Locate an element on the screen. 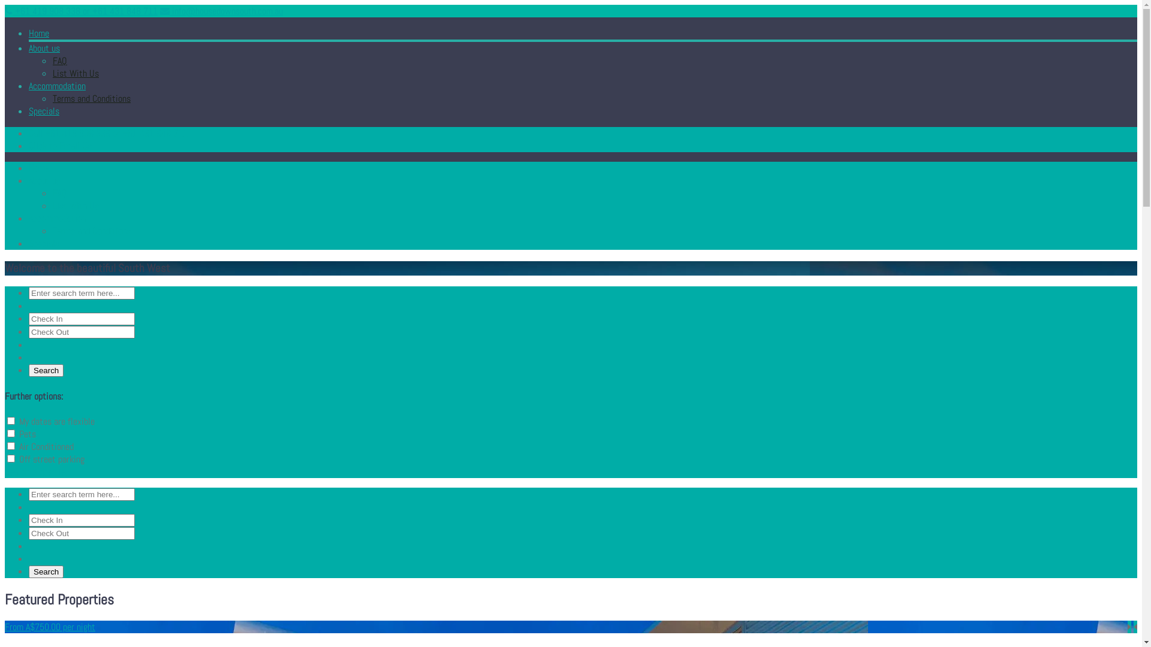 This screenshot has height=647, width=1151. '+61 419 908 338 or +61 431 848 711' is located at coordinates (80, 11).